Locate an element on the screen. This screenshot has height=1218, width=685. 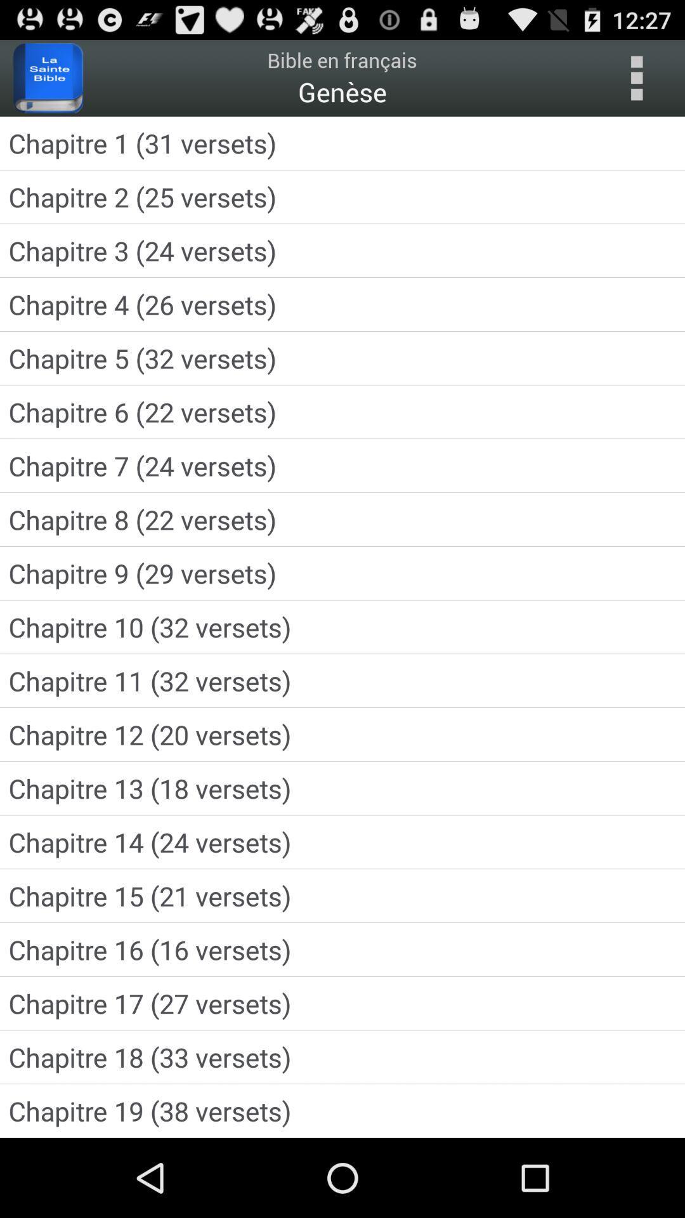
icon above the chapitre 1 31 icon is located at coordinates (48, 77).